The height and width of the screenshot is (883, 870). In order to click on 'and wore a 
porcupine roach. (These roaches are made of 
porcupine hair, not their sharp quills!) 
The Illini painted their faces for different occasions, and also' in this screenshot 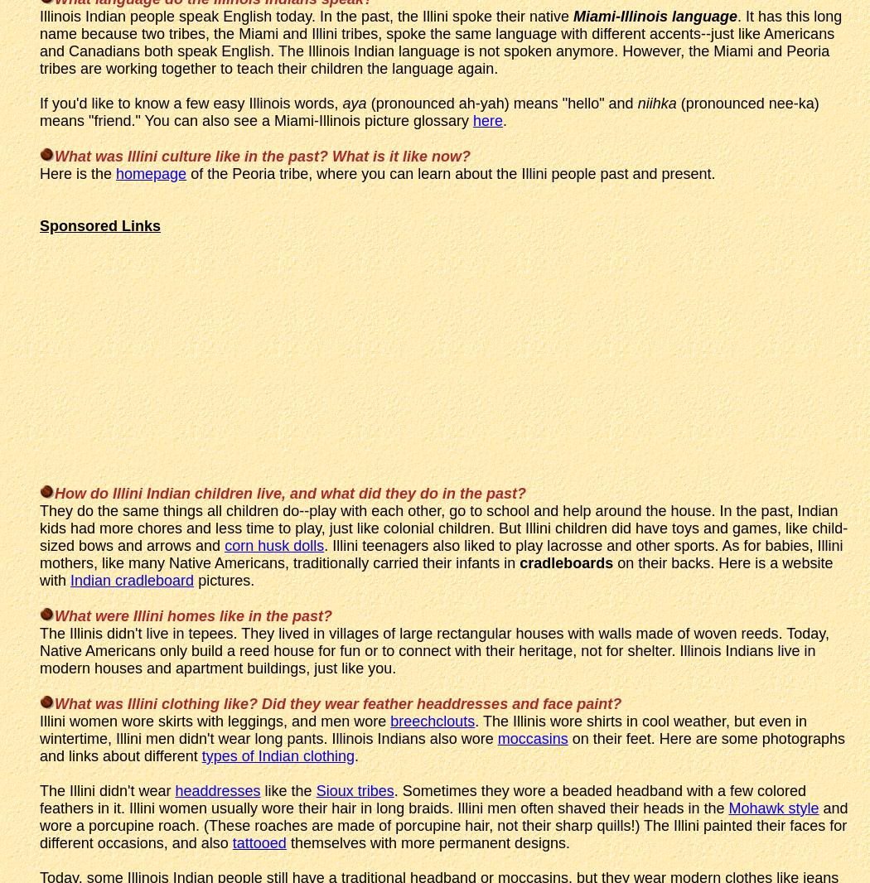, I will do `click(443, 824)`.